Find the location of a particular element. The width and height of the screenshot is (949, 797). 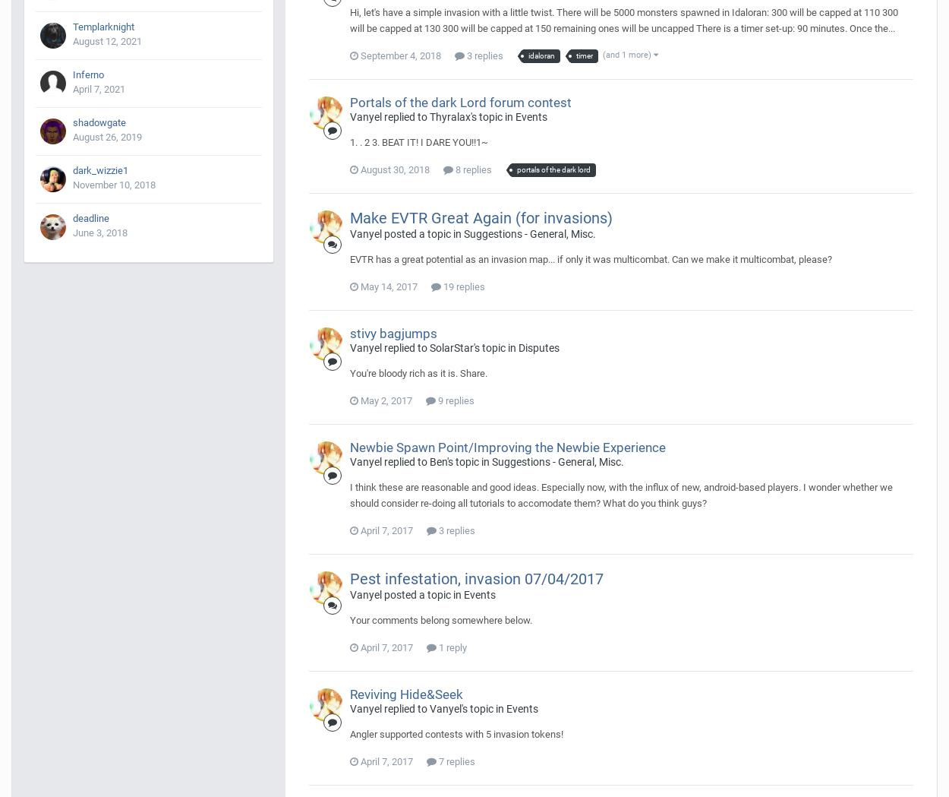

'1 reply' is located at coordinates (451, 647).